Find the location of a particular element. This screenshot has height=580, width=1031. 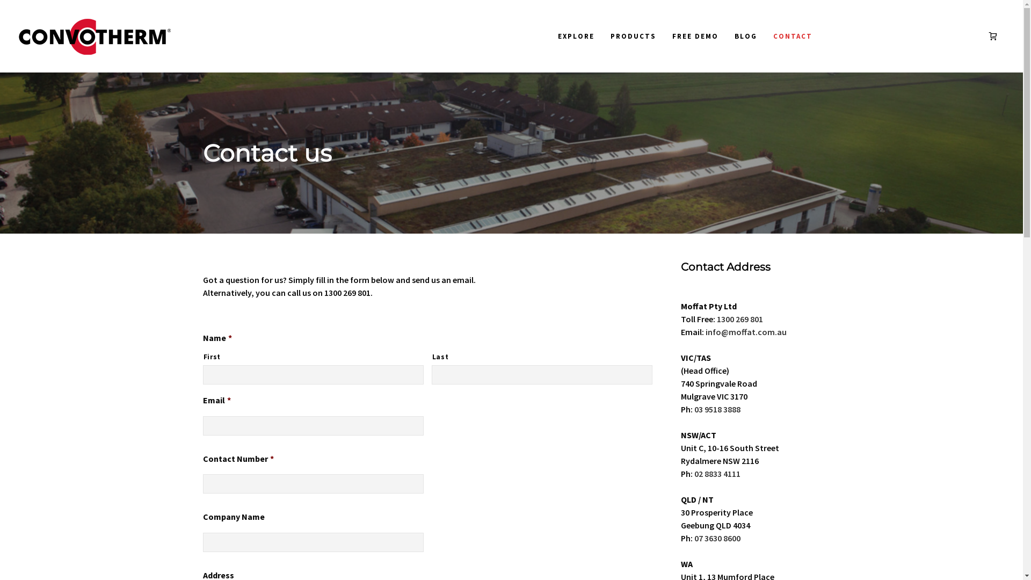

'CONTACT' is located at coordinates (792, 35).